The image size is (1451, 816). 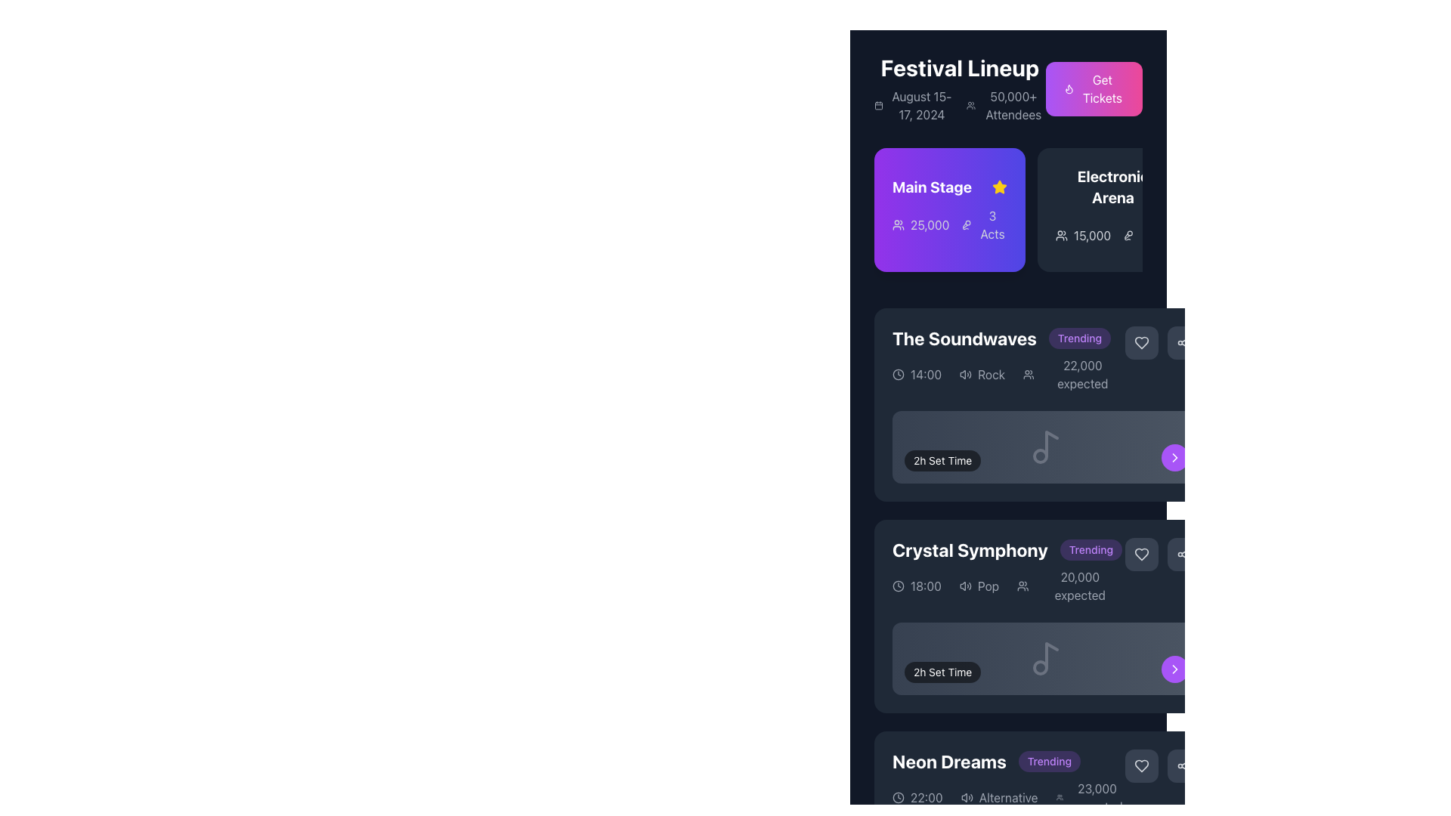 I want to click on the heart-shaped icon representing a 'like' feature, so click(x=1142, y=343).